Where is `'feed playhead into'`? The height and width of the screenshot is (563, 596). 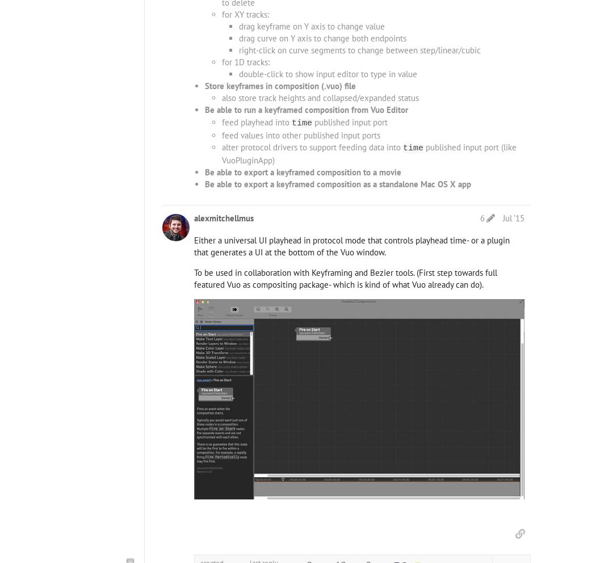
'feed playhead into' is located at coordinates (256, 121).